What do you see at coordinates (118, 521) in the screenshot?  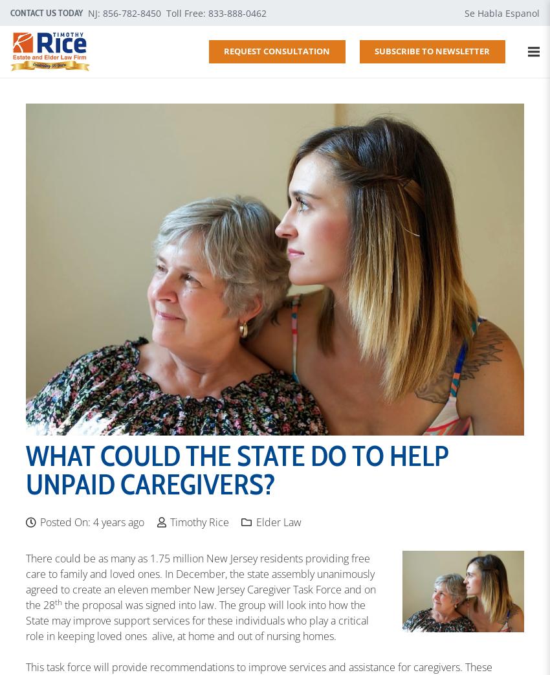 I see `'4 years ago'` at bounding box center [118, 521].